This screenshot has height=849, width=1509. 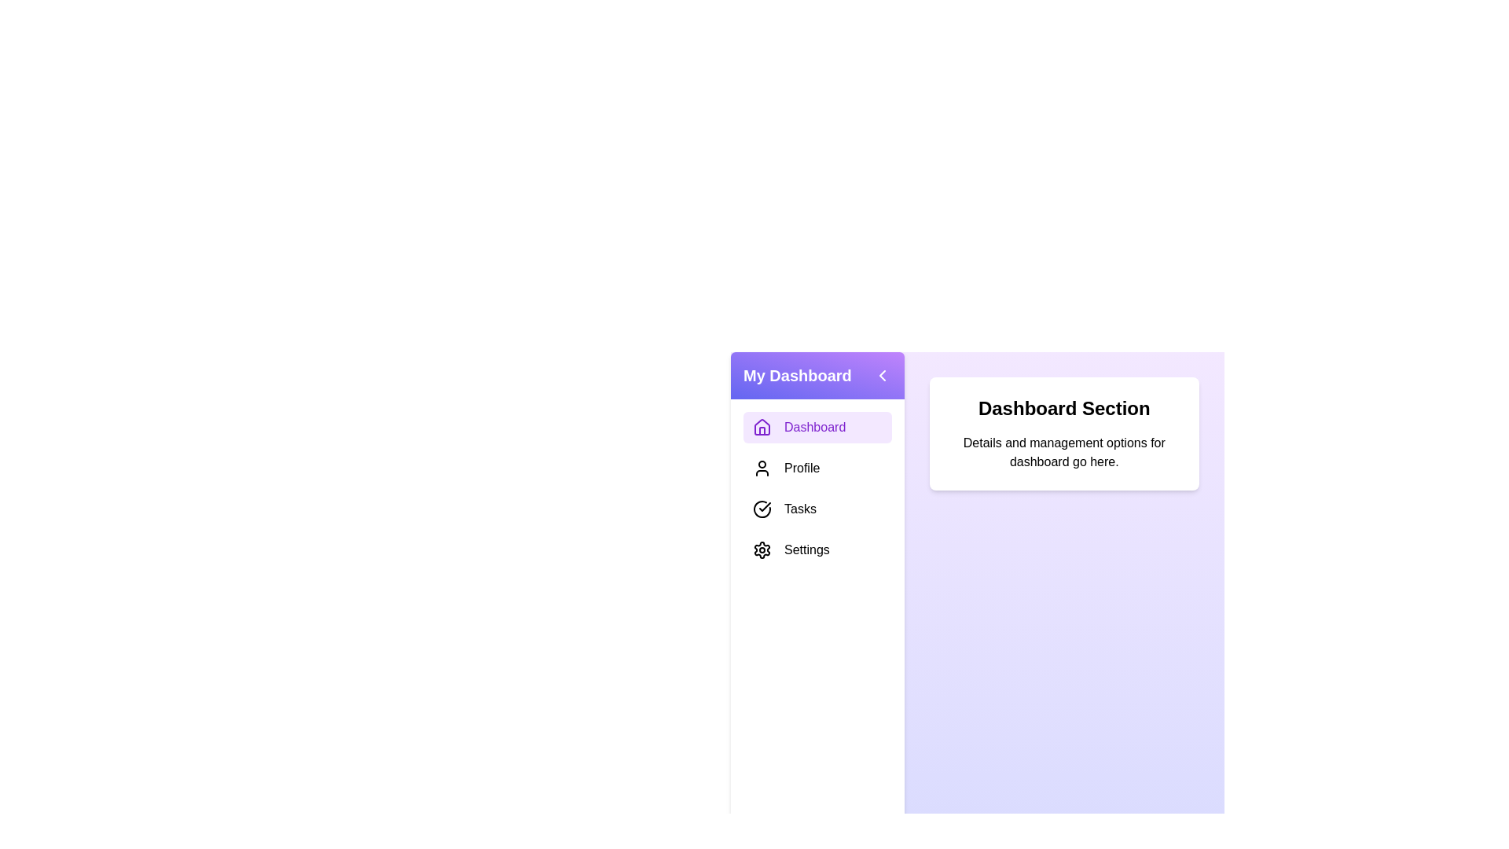 What do you see at coordinates (817, 468) in the screenshot?
I see `the 'Profile' button in the vertical navigation menu` at bounding box center [817, 468].